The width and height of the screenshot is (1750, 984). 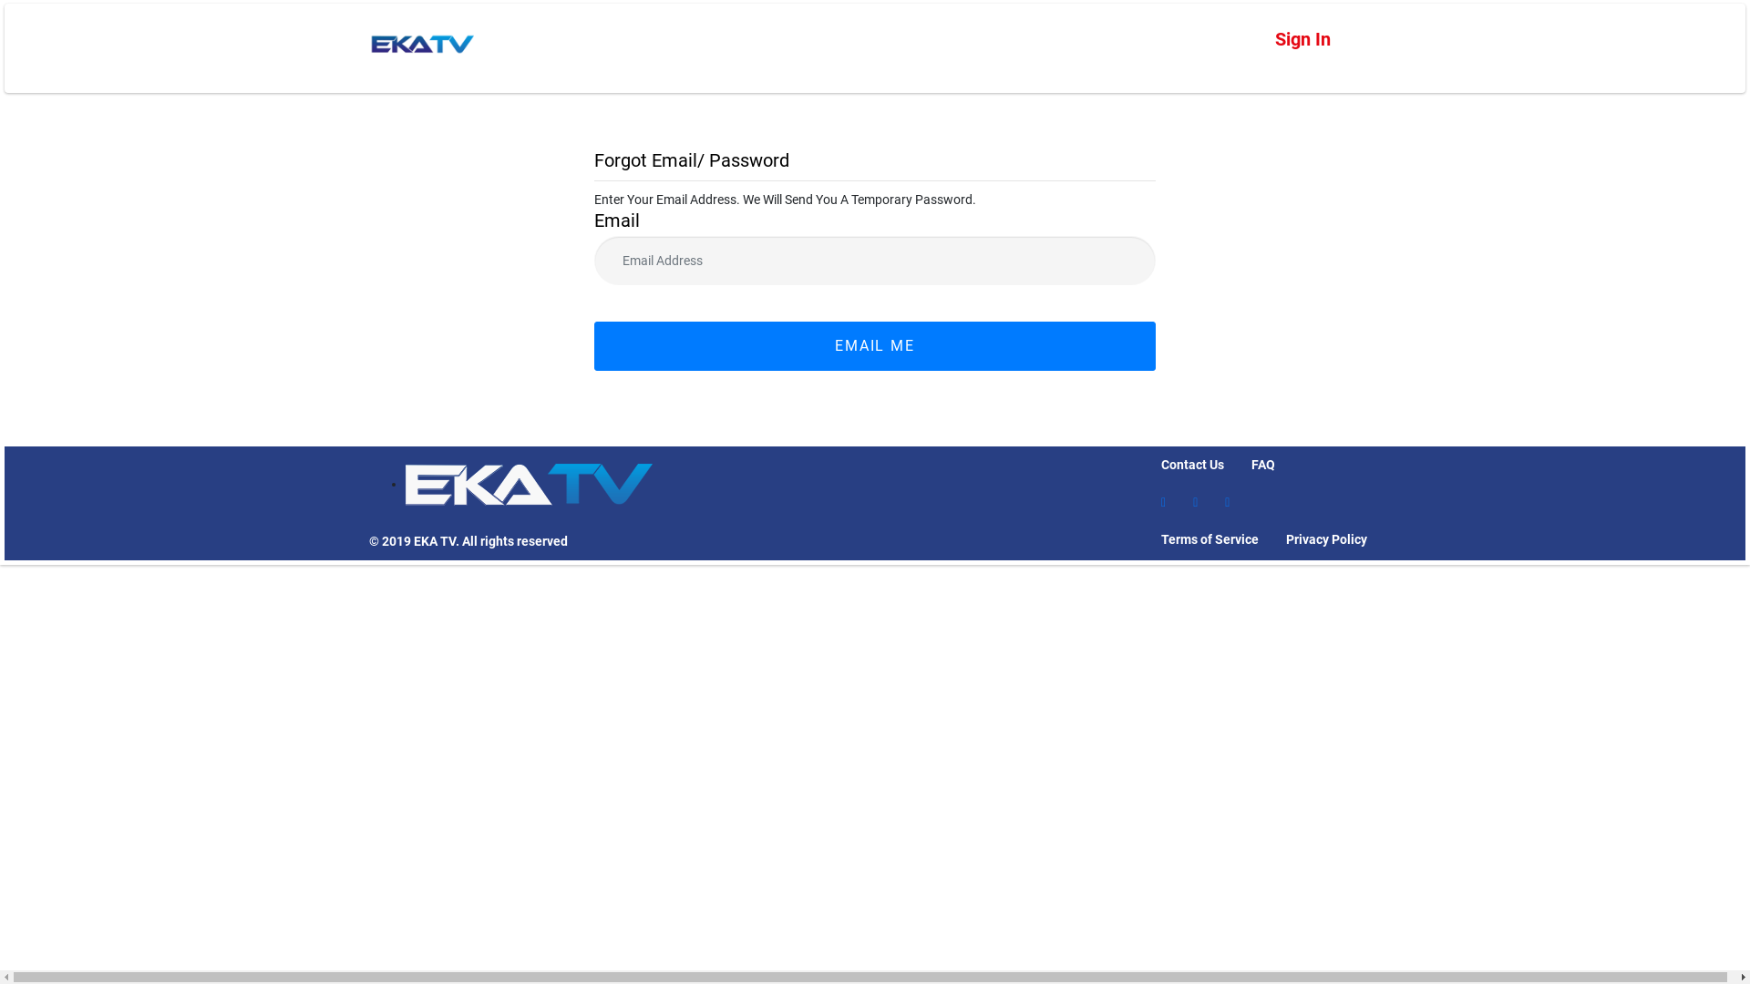 I want to click on 'Terms of Service', so click(x=1210, y=538).